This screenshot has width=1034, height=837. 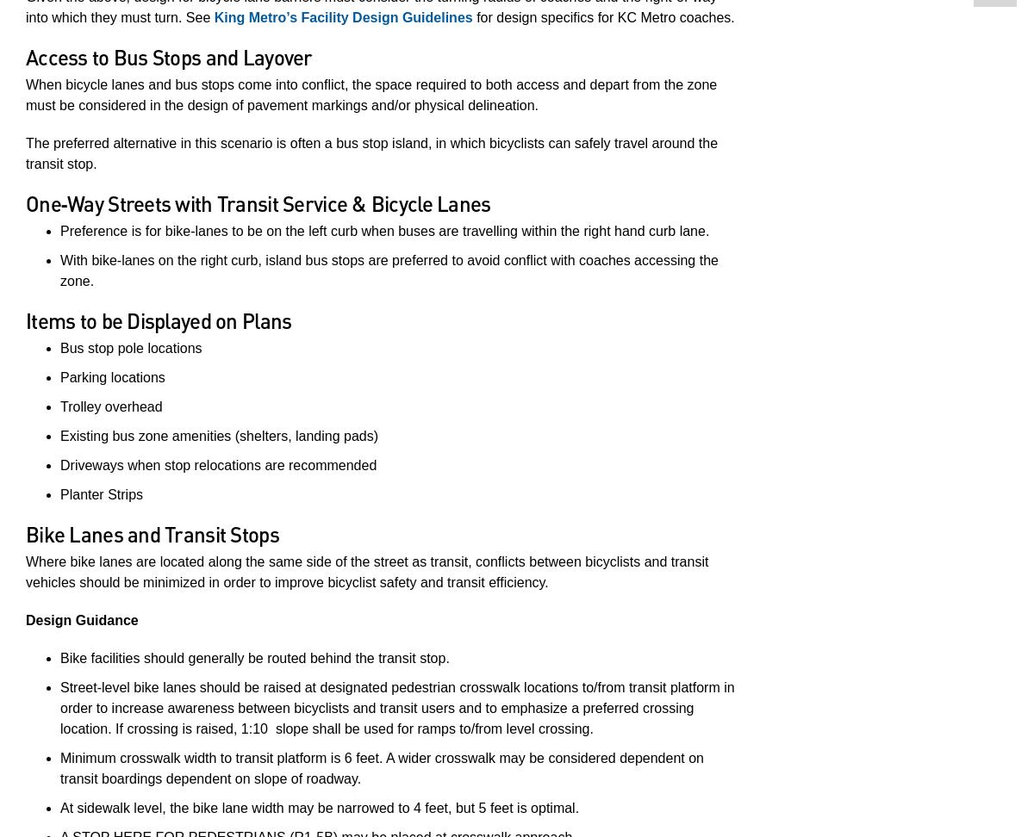 What do you see at coordinates (388, 269) in the screenshot?
I see `'With bike‐lanes on the right curb, island bus stops are preferred to avoid conflict with coaches accessing the zone.'` at bounding box center [388, 269].